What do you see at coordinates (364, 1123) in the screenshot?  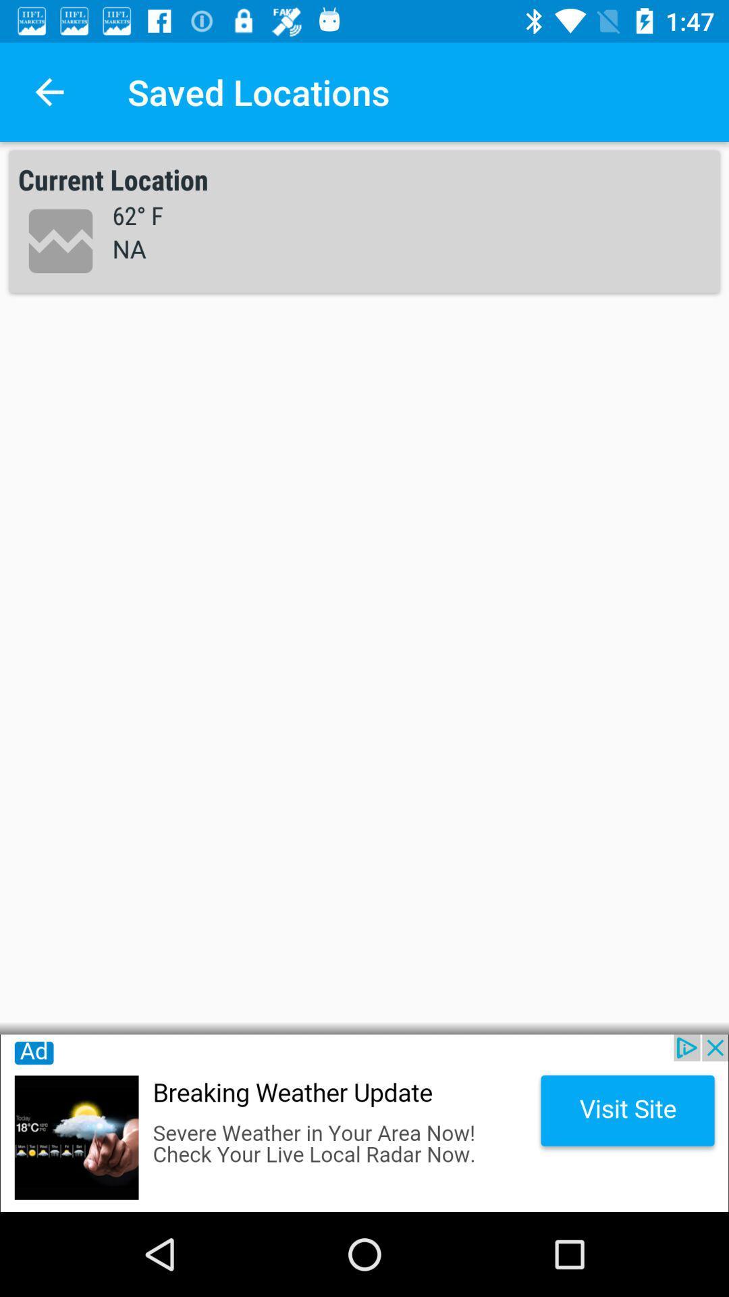 I see `advertisement about breaking weather update` at bounding box center [364, 1123].